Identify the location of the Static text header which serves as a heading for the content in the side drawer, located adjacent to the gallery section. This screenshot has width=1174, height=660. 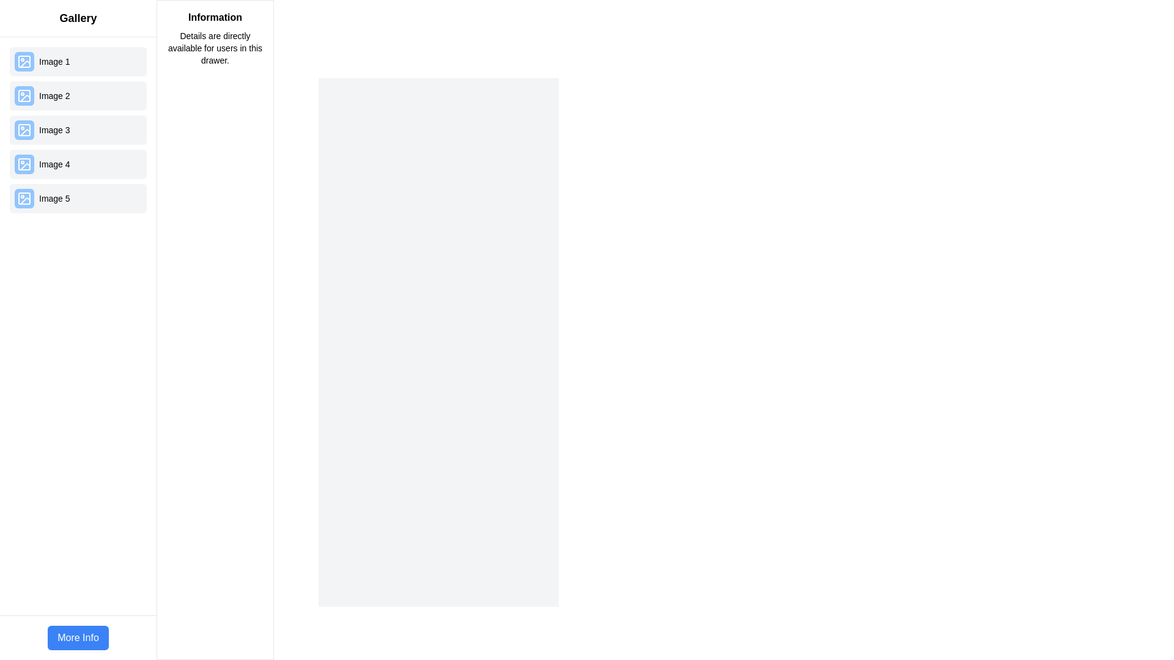
(215, 18).